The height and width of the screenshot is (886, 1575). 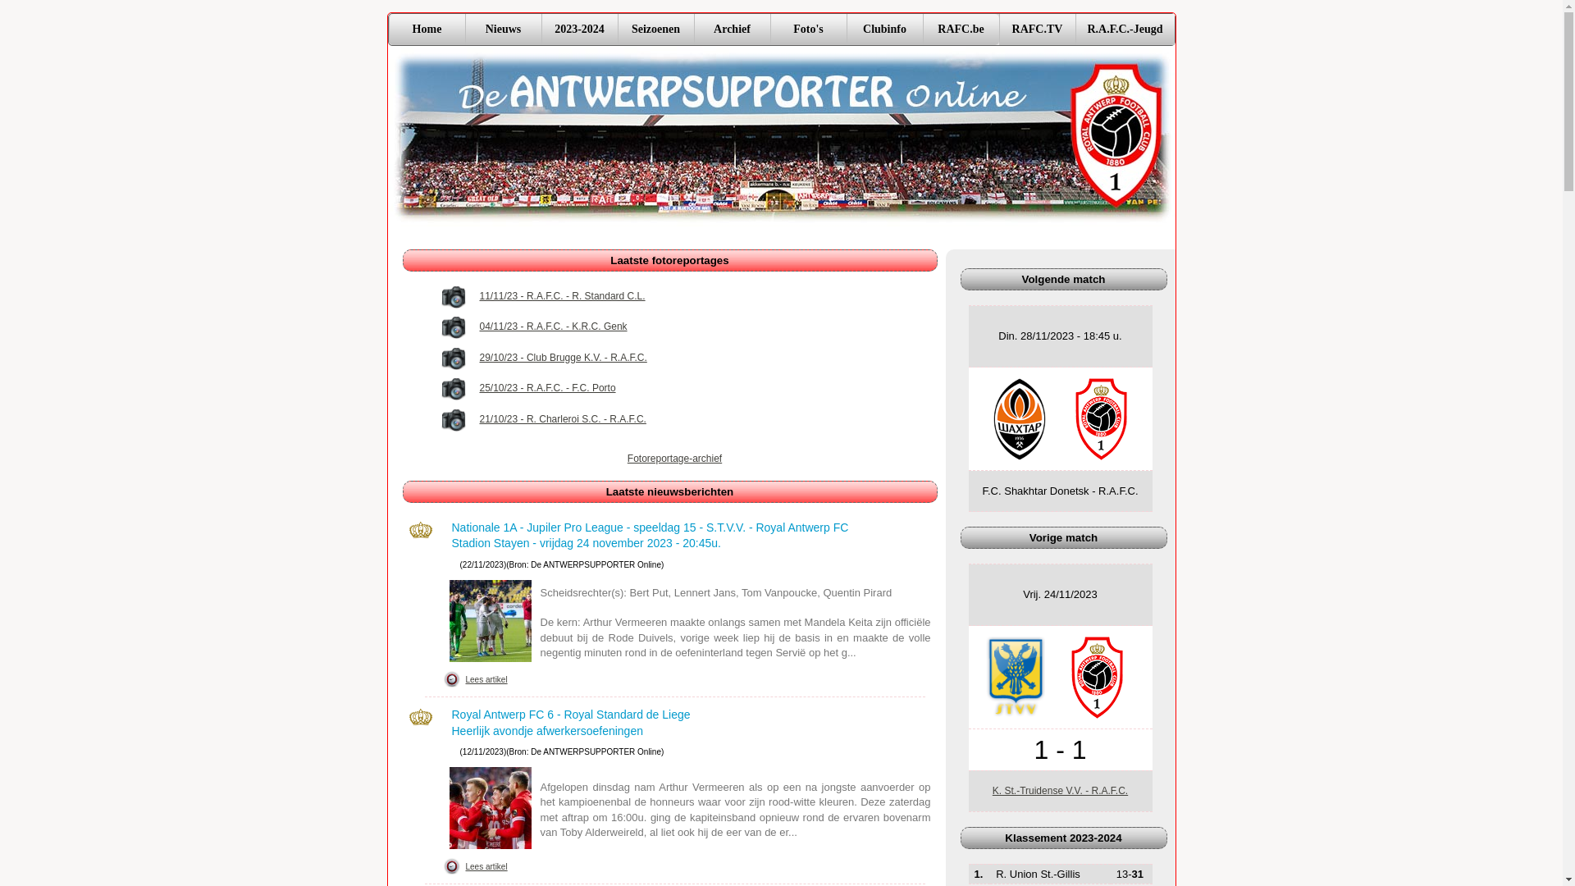 I want to click on 'Archief', so click(x=693, y=29).